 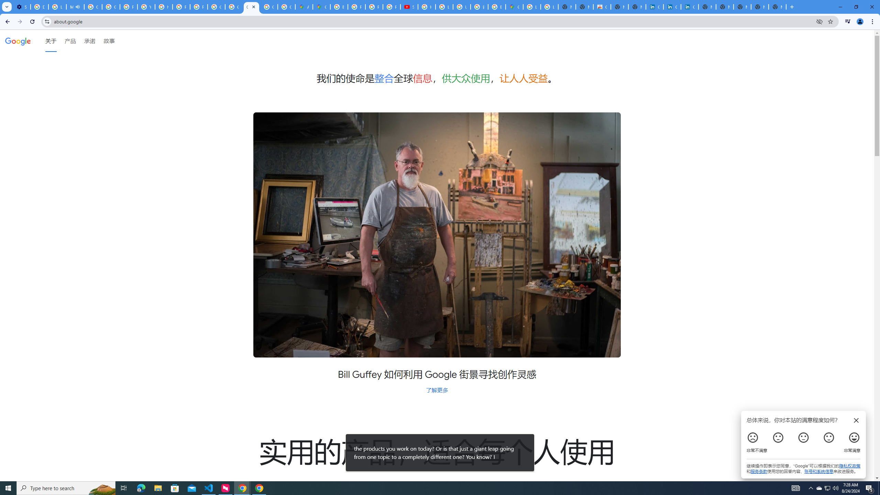 What do you see at coordinates (777, 7) in the screenshot?
I see `'New Tab'` at bounding box center [777, 7].